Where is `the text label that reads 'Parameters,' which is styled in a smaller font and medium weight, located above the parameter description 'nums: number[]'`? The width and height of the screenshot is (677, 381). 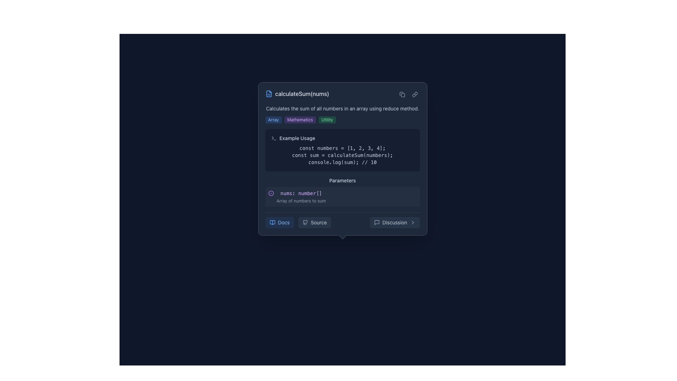 the text label that reads 'Parameters,' which is styled in a smaller font and medium weight, located above the parameter description 'nums: number[]' is located at coordinates (342, 180).